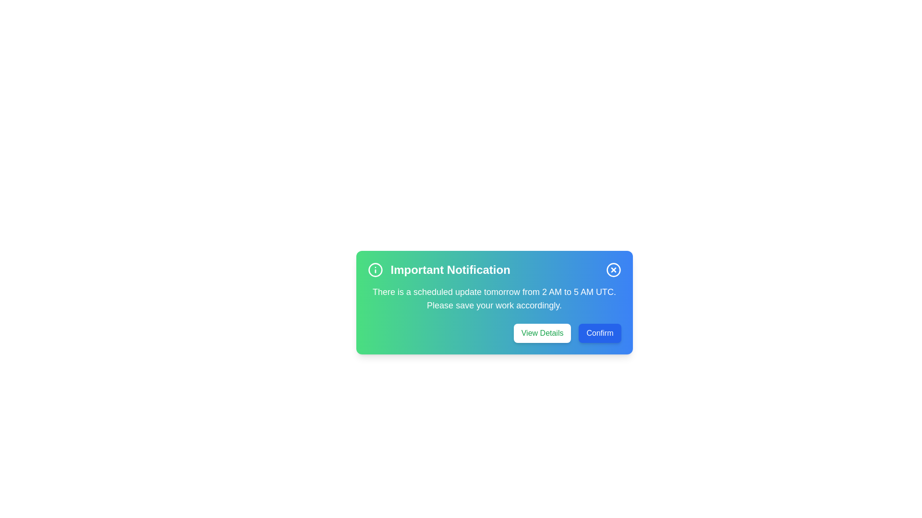 This screenshot has height=518, width=922. Describe the element at coordinates (599, 332) in the screenshot. I see `the 'Confirm' button to confirm the notification` at that location.